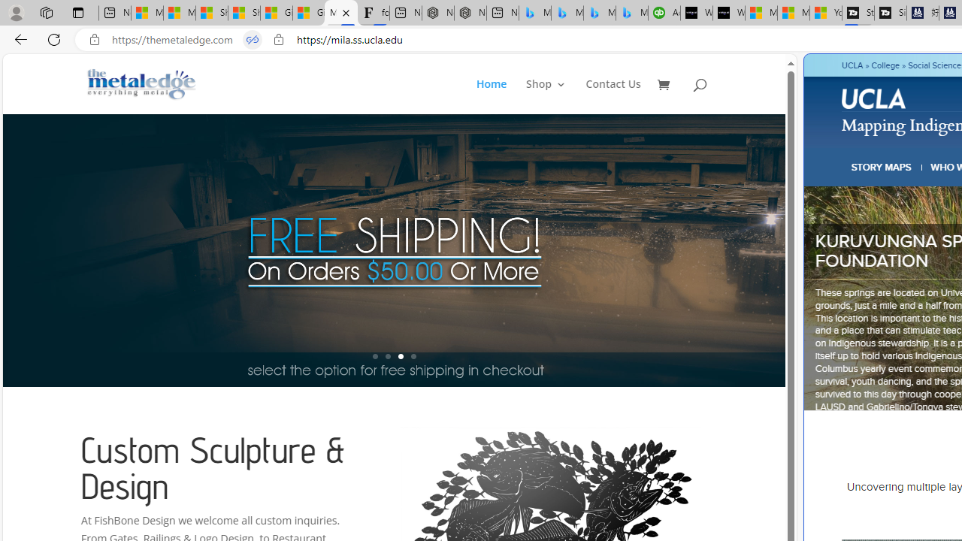  What do you see at coordinates (142, 83) in the screenshot?
I see `'Metal Fish Sculptures & Metal Designs'` at bounding box center [142, 83].